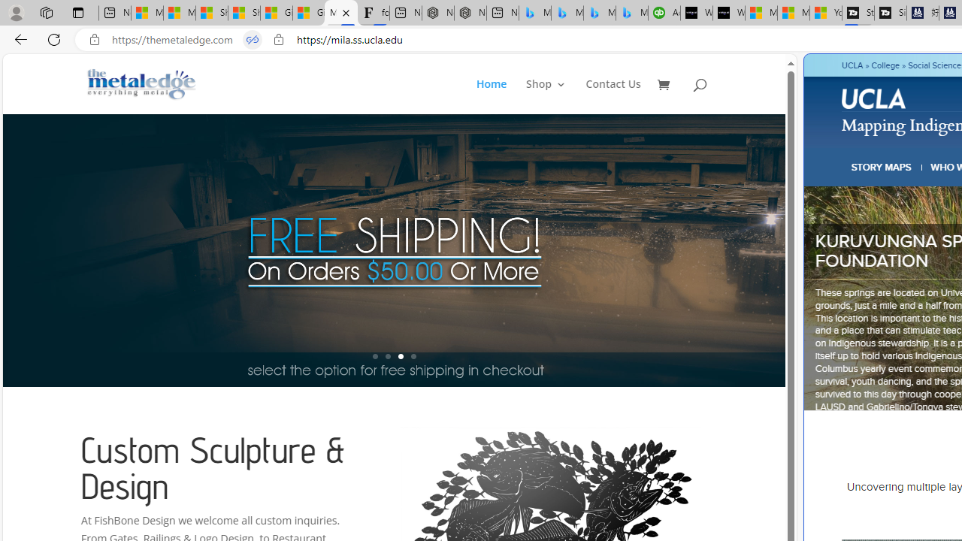  What do you see at coordinates (142, 83) in the screenshot?
I see `'Metal Fish Sculptures & Metal Designs'` at bounding box center [142, 83].